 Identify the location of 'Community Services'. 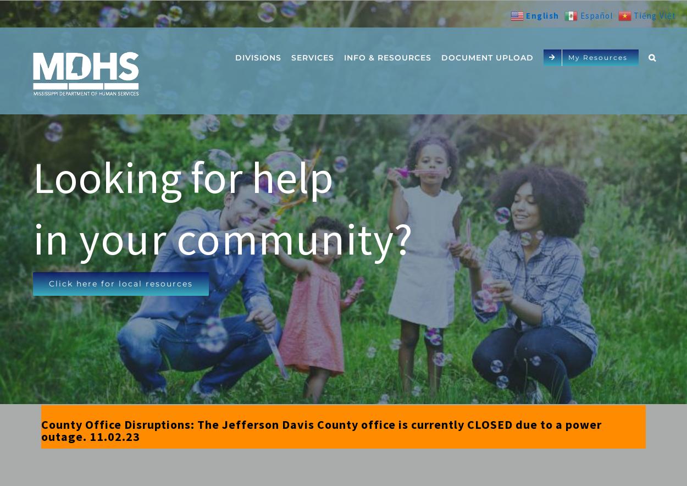
(287, 109).